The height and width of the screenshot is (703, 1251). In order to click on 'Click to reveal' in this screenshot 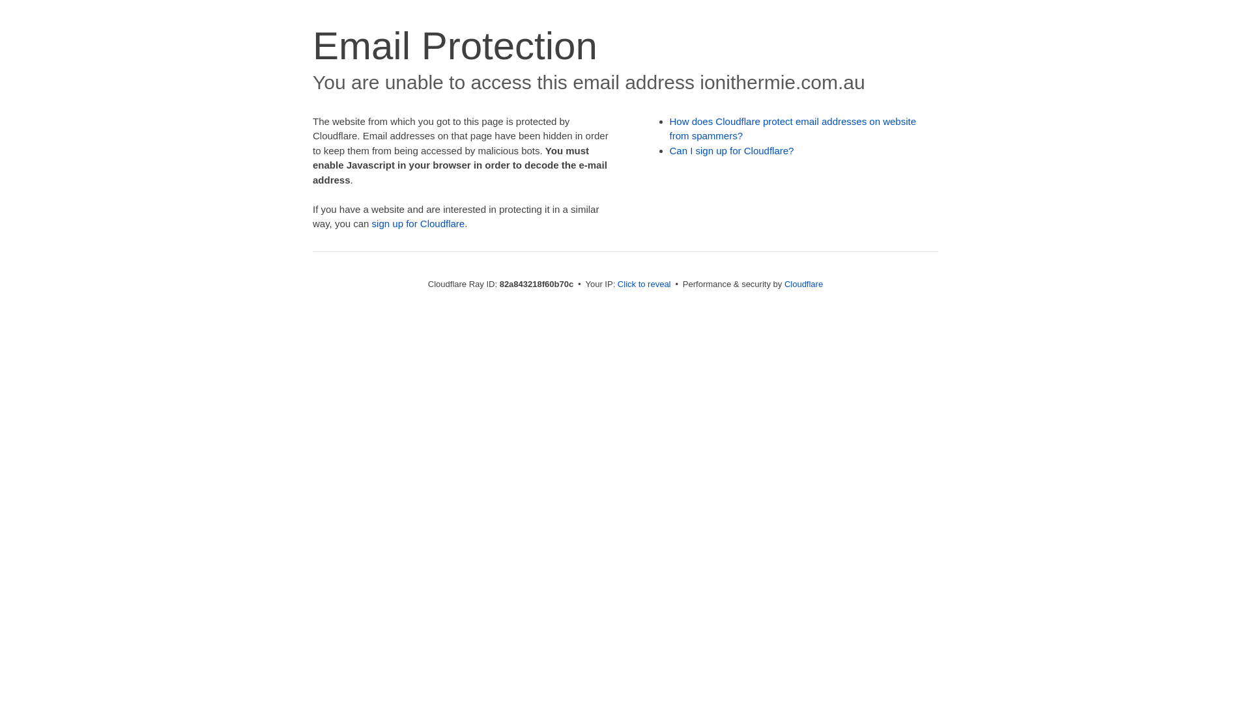, I will do `click(644, 283)`.